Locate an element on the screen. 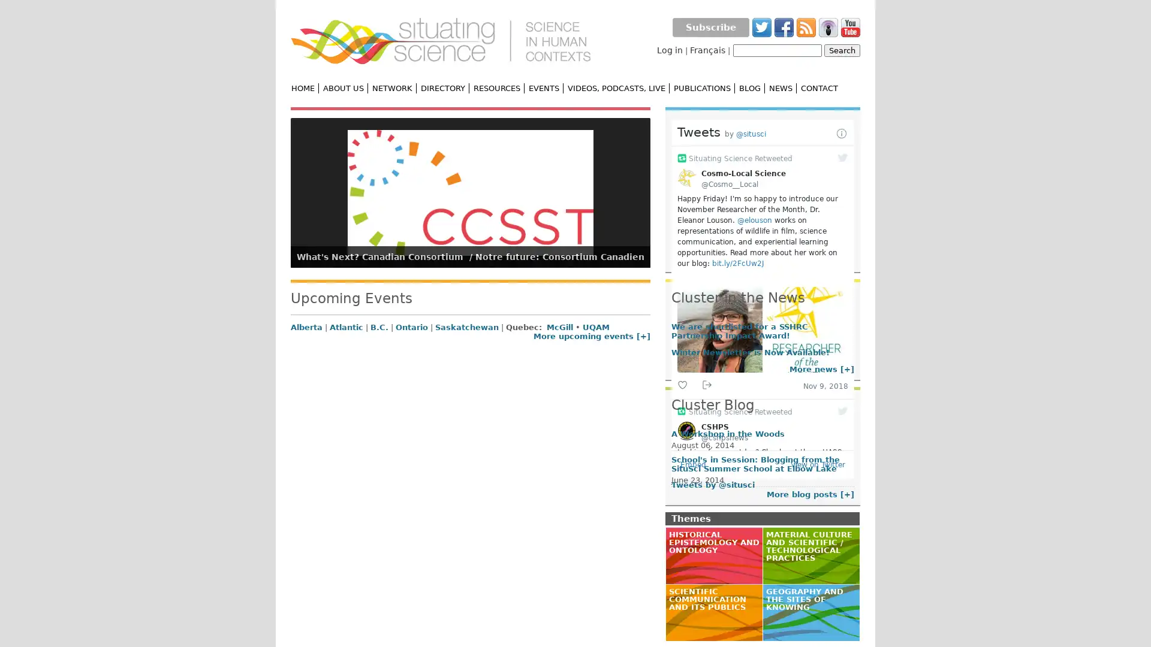 The height and width of the screenshot is (647, 1151). Search is located at coordinates (842, 50).